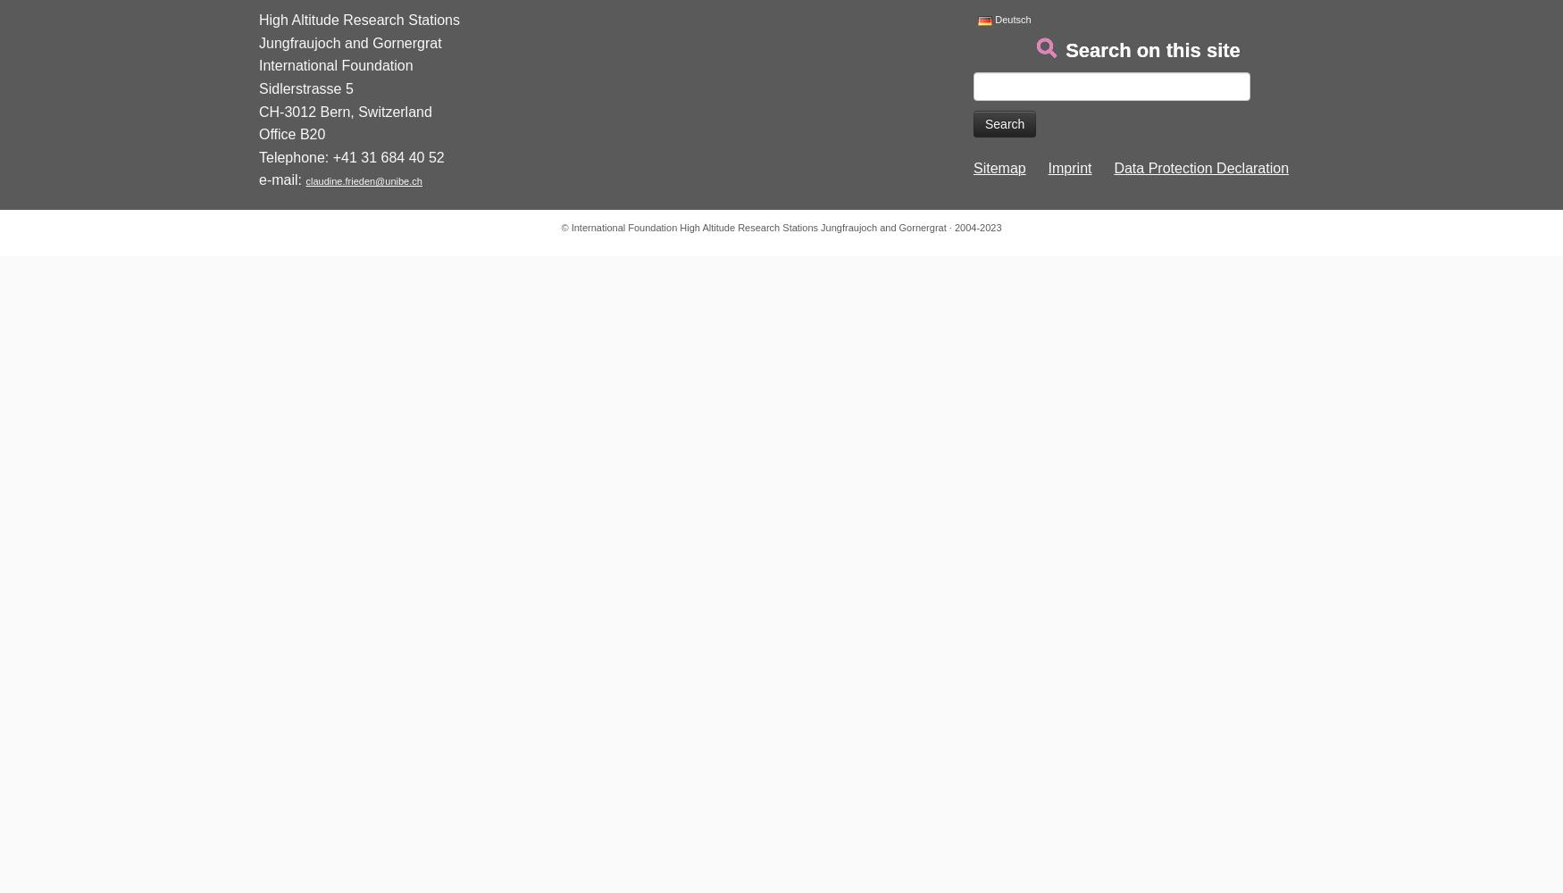  Describe the element at coordinates (1047, 168) in the screenshot. I see `'Imprint'` at that location.